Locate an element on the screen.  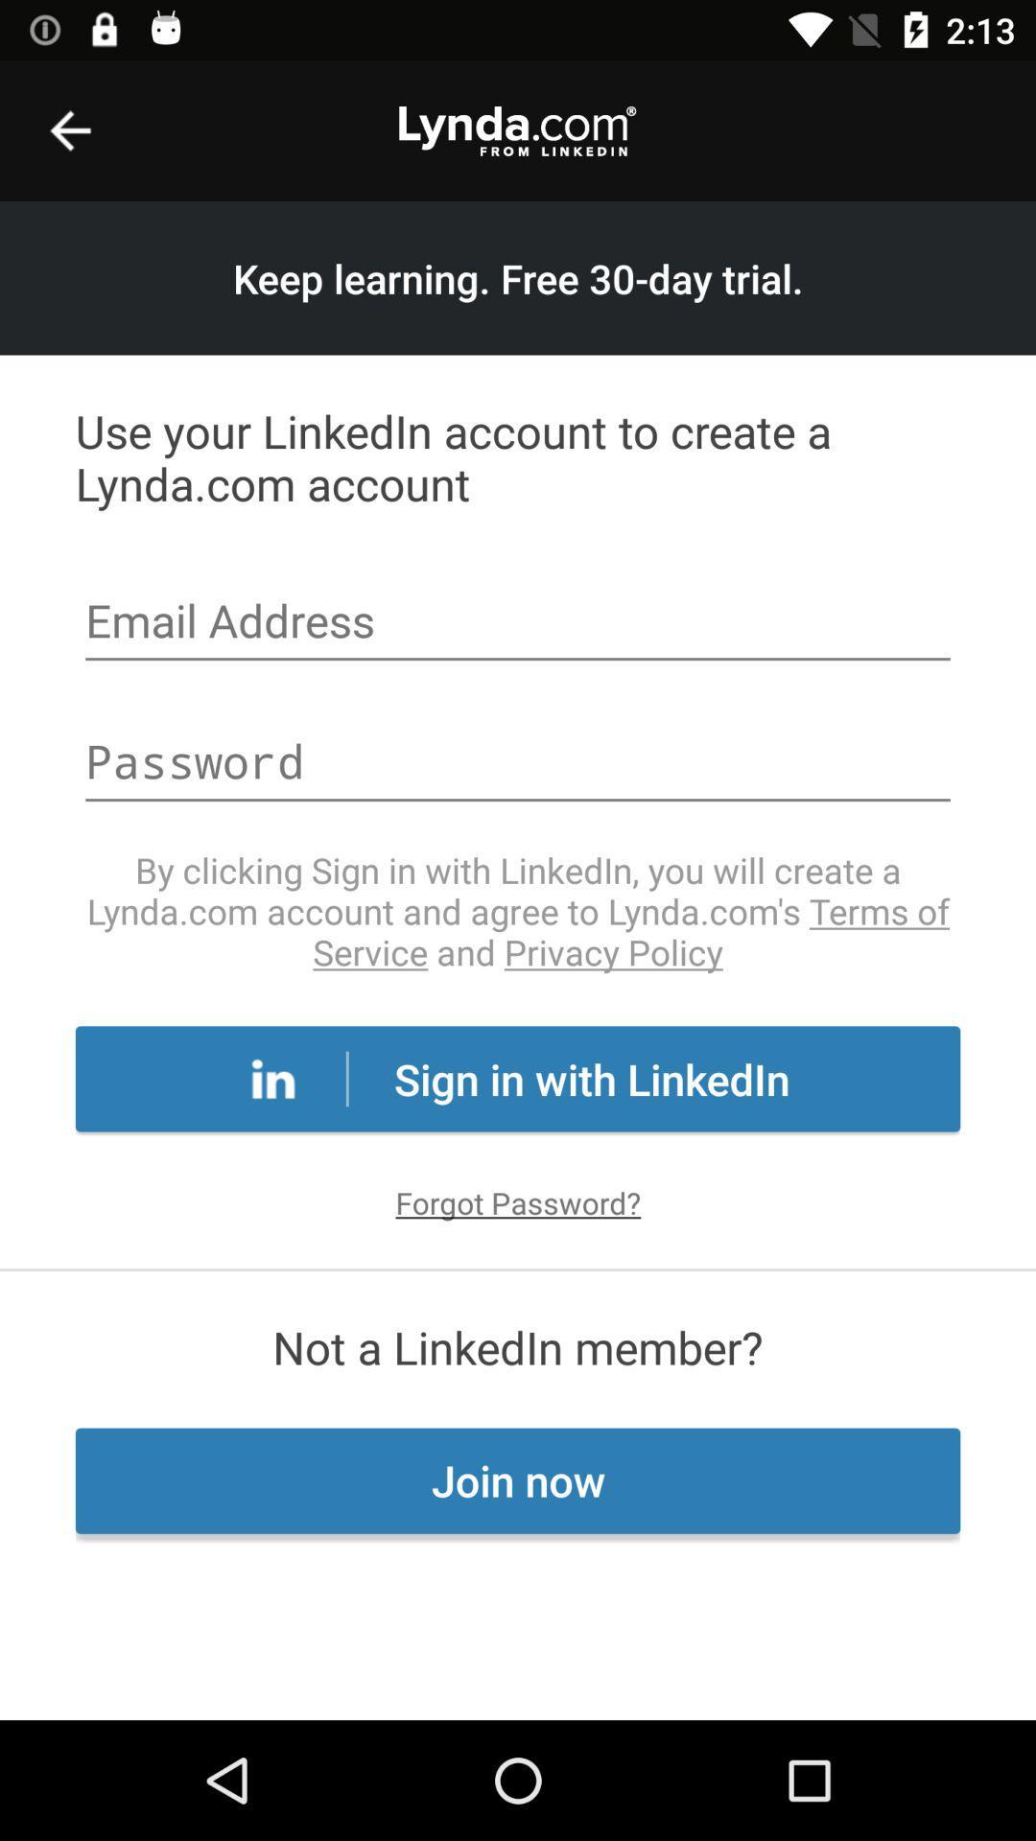
by clicking sign is located at coordinates (518, 910).